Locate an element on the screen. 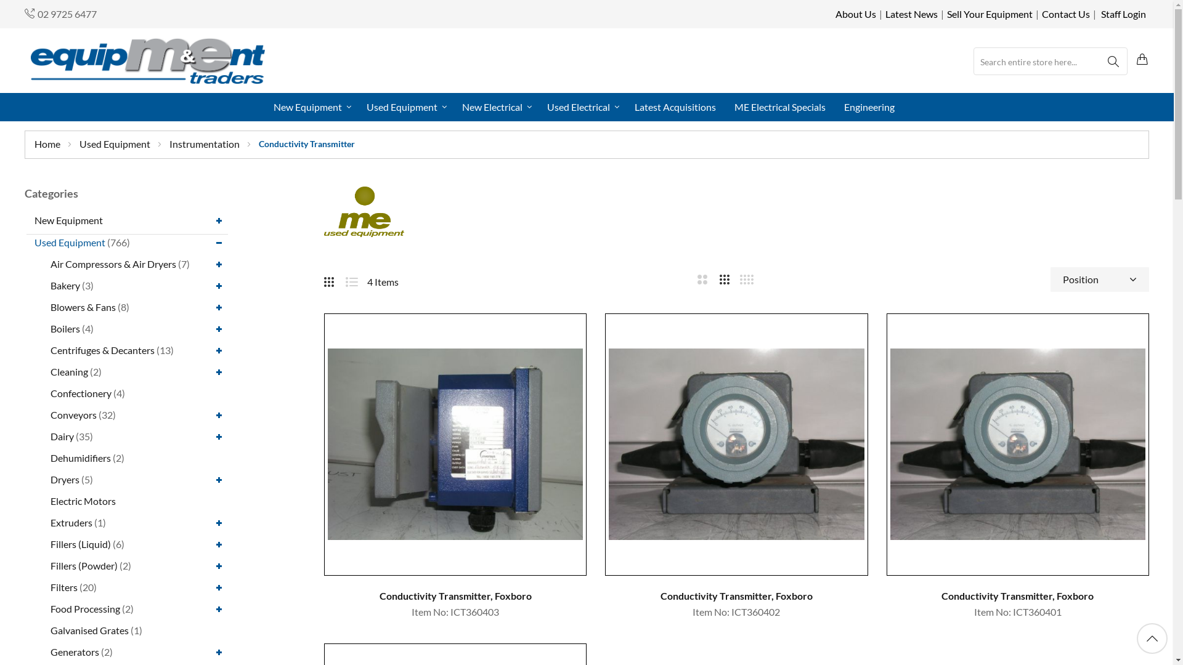  'Dehumidifiers' is located at coordinates (79, 457).